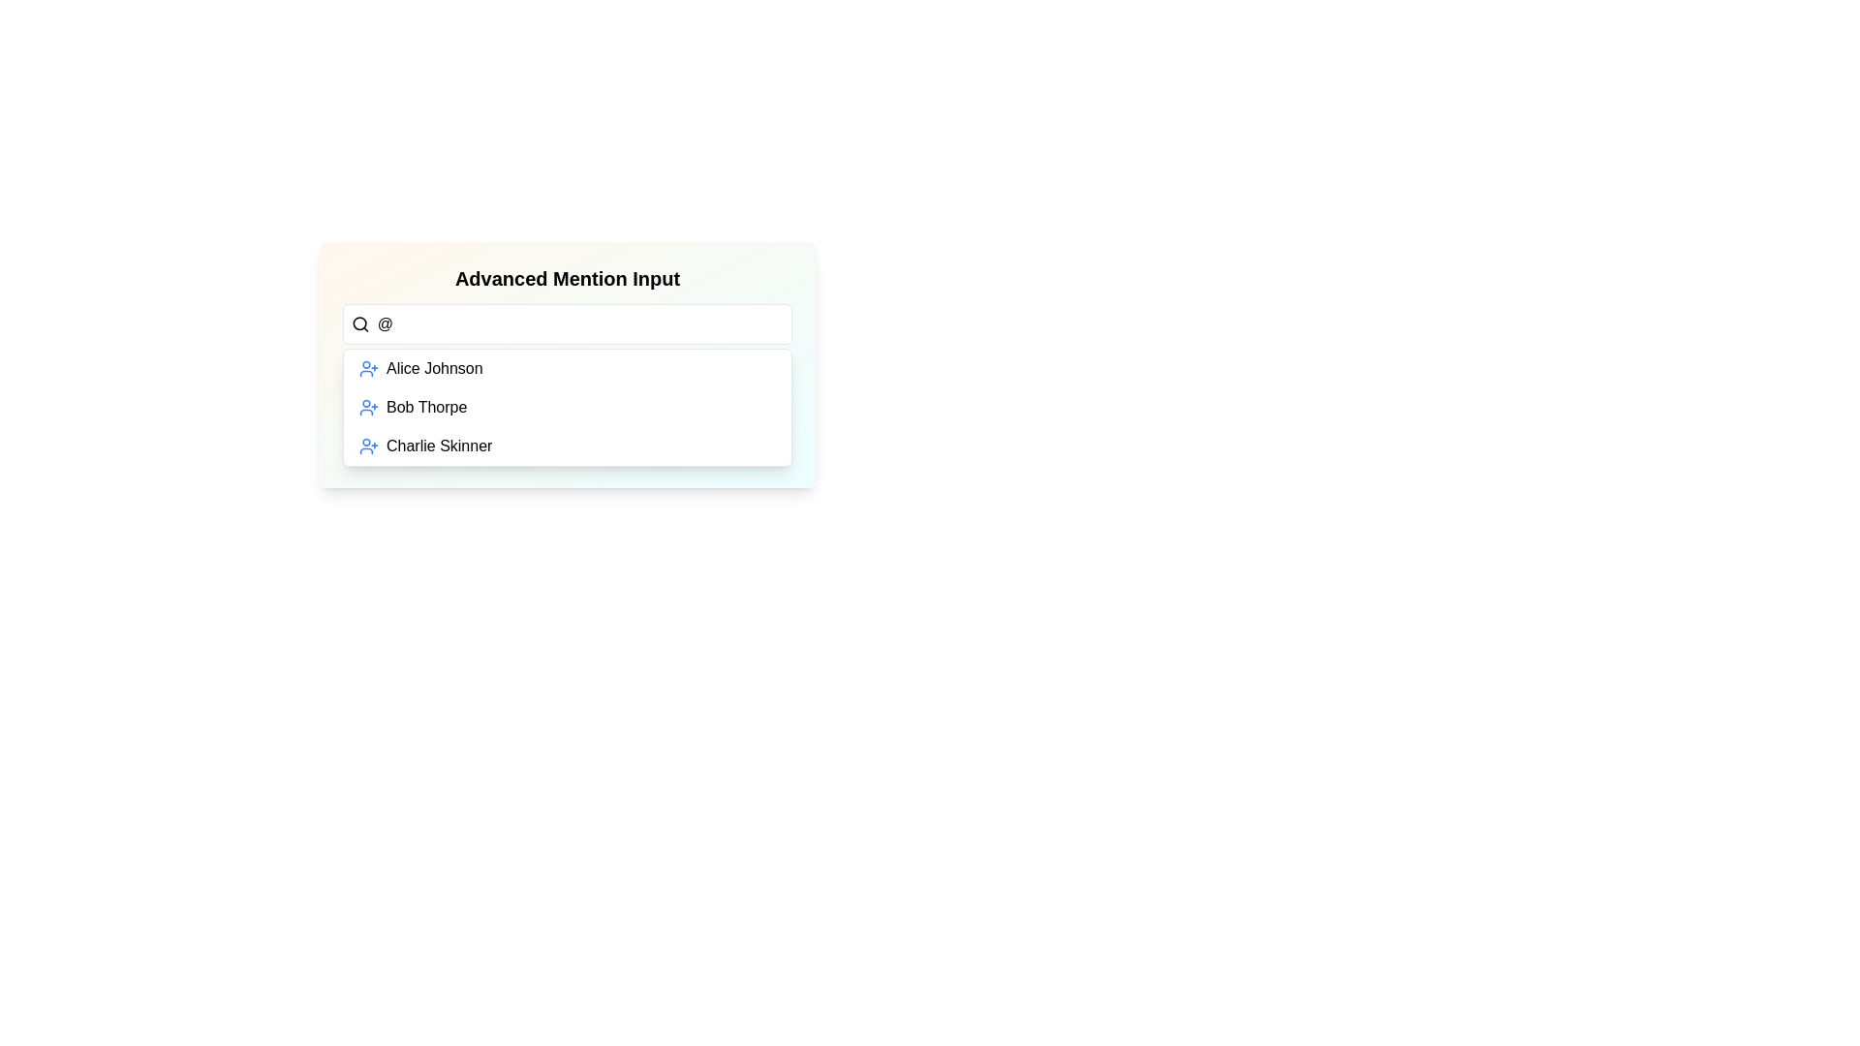 The image size is (1860, 1046). What do you see at coordinates (368, 406) in the screenshot?
I see `the icon to the left of 'Bob Thorpe' in the second item of the user list within the 'Advanced Mention Input' drop-down menu` at bounding box center [368, 406].